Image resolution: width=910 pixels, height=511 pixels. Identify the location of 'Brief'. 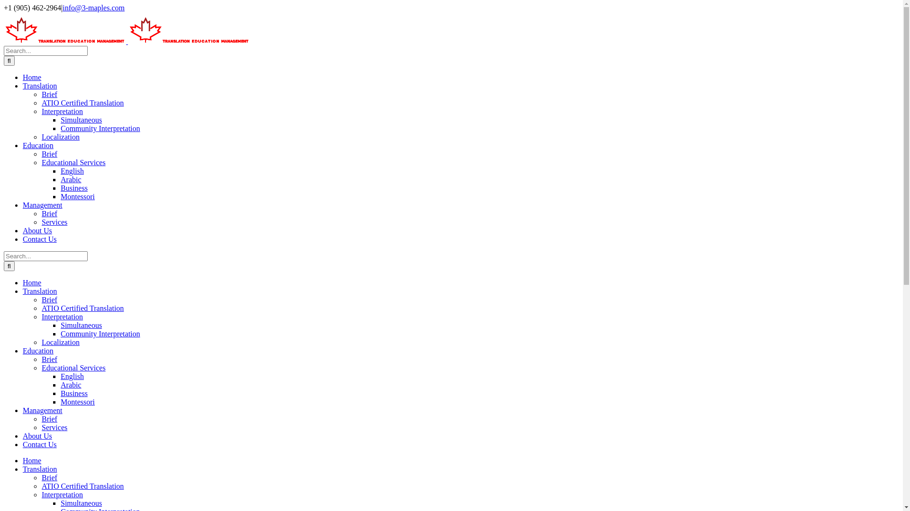
(49, 94).